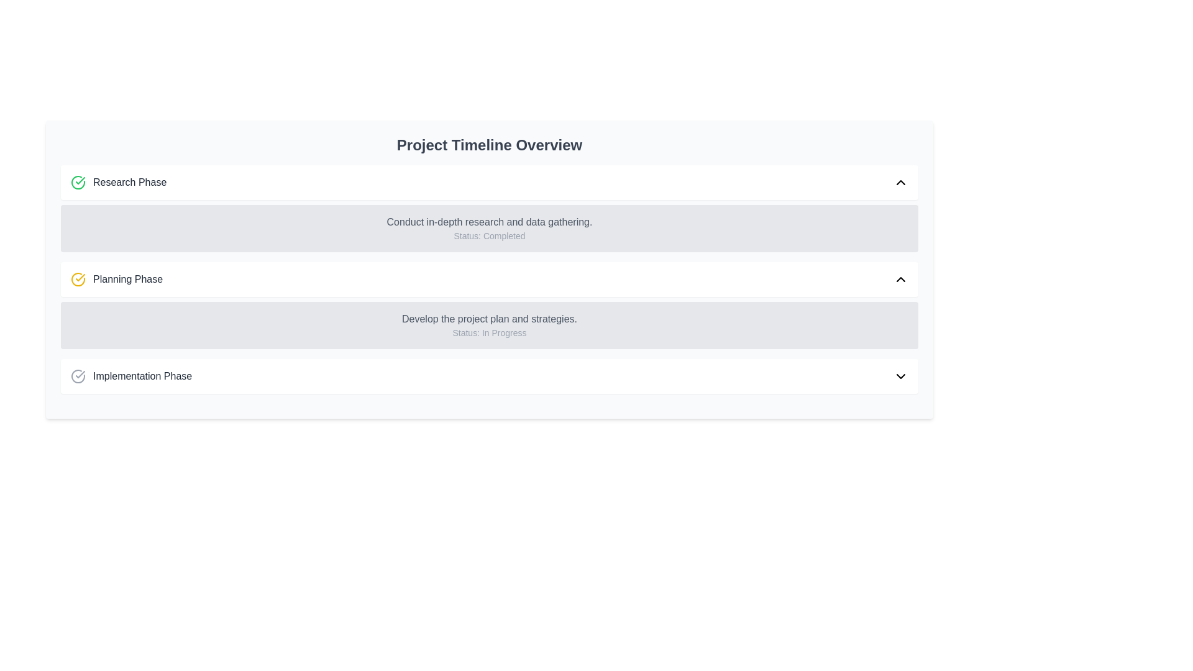 The image size is (1193, 671). What do you see at coordinates (488, 236) in the screenshot?
I see `the text label indicating the task's completion status in the 'Research Phase' section, positioned below 'Conduct in-depth research and data gathering.'` at bounding box center [488, 236].